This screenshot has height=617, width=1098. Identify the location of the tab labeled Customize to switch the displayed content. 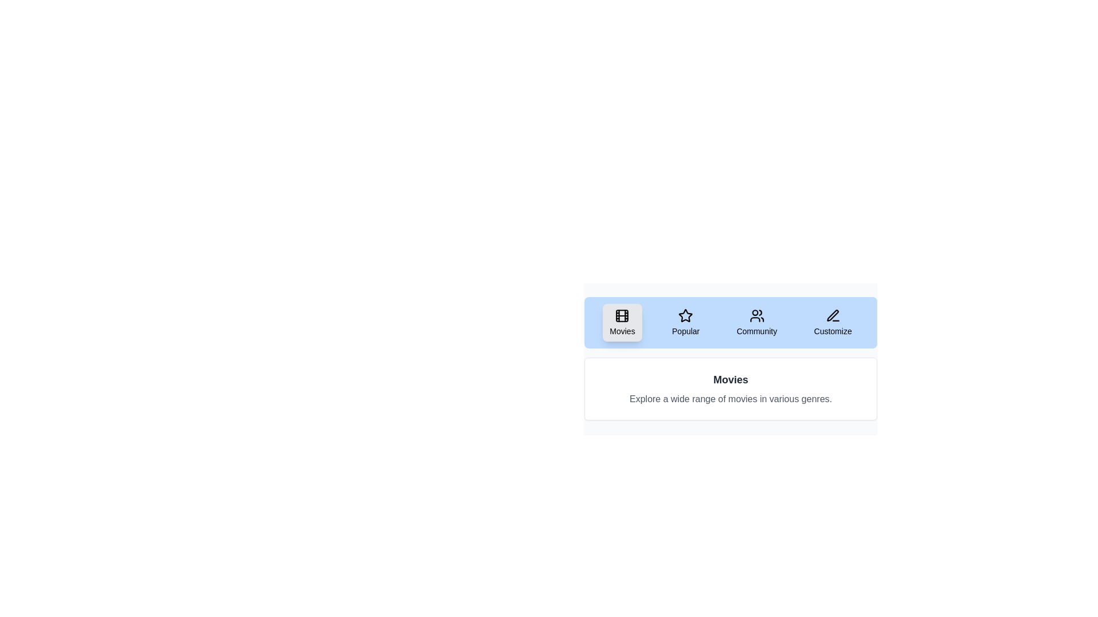
(832, 322).